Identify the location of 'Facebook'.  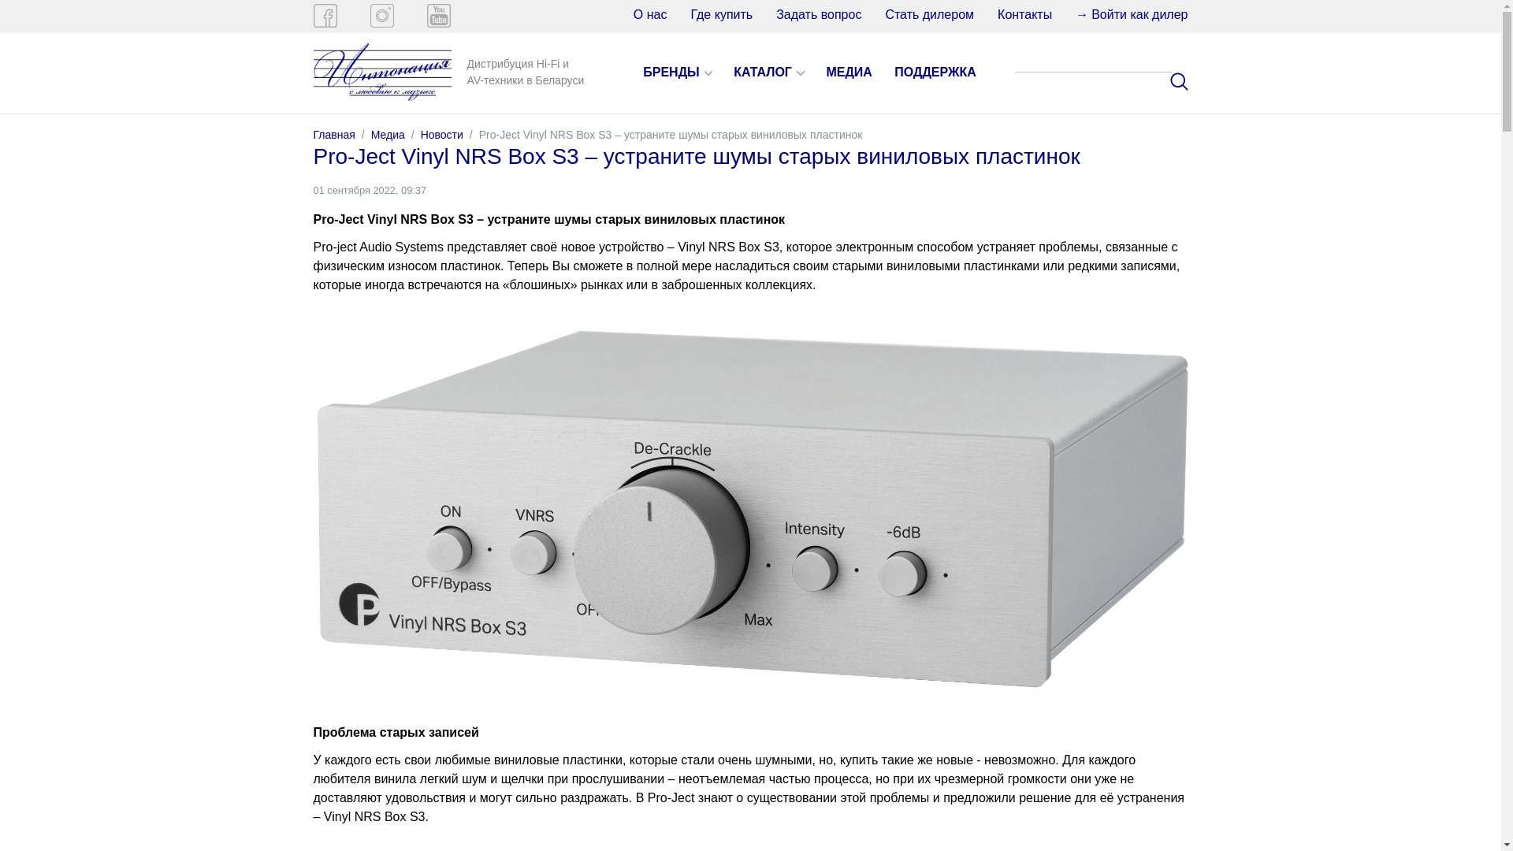
(324, 15).